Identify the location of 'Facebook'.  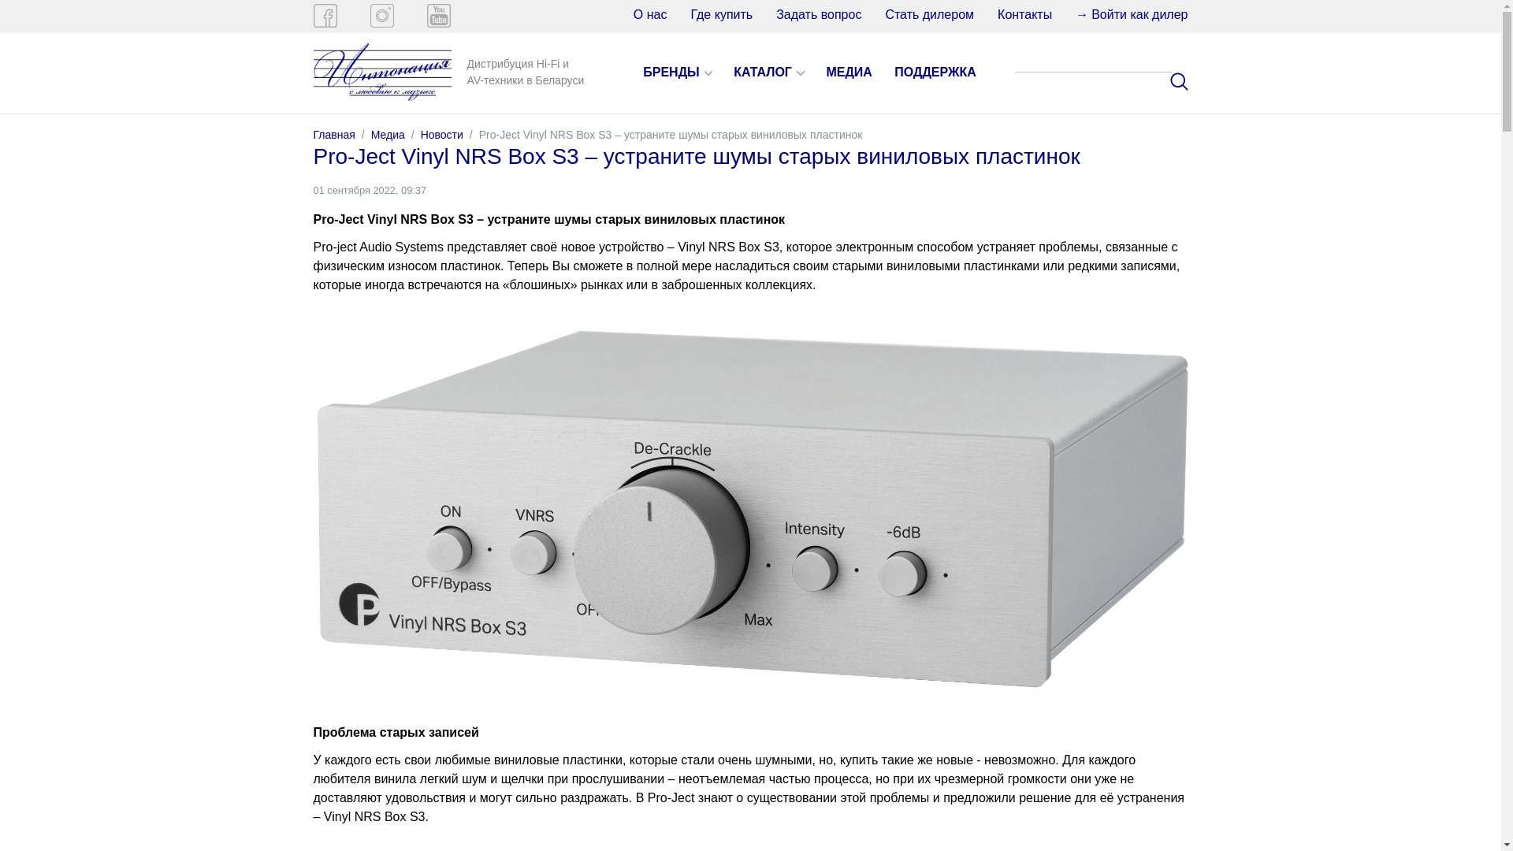
(324, 15).